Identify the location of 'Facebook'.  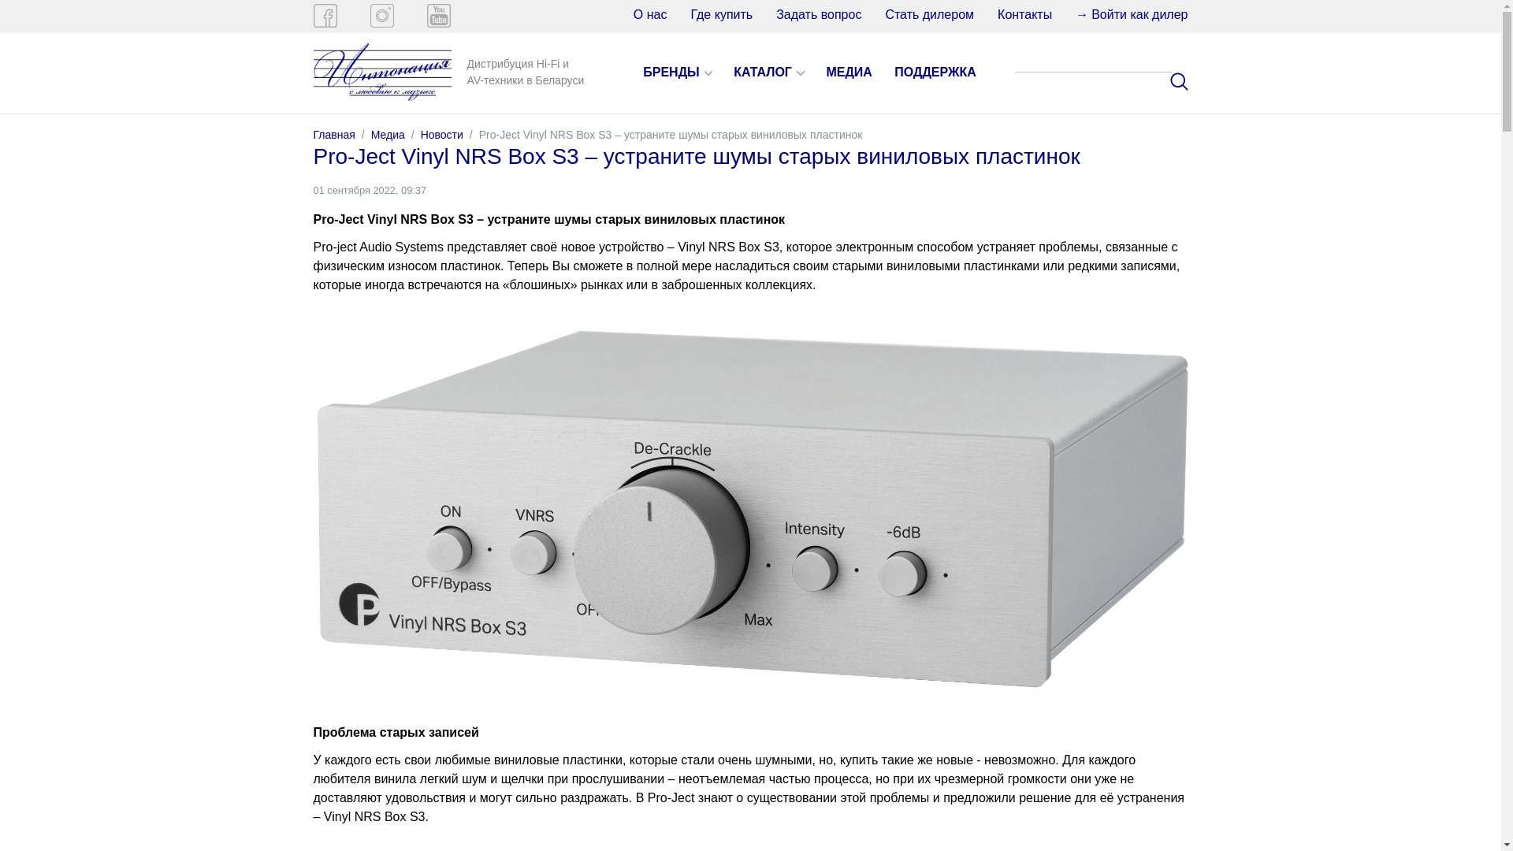
(324, 15).